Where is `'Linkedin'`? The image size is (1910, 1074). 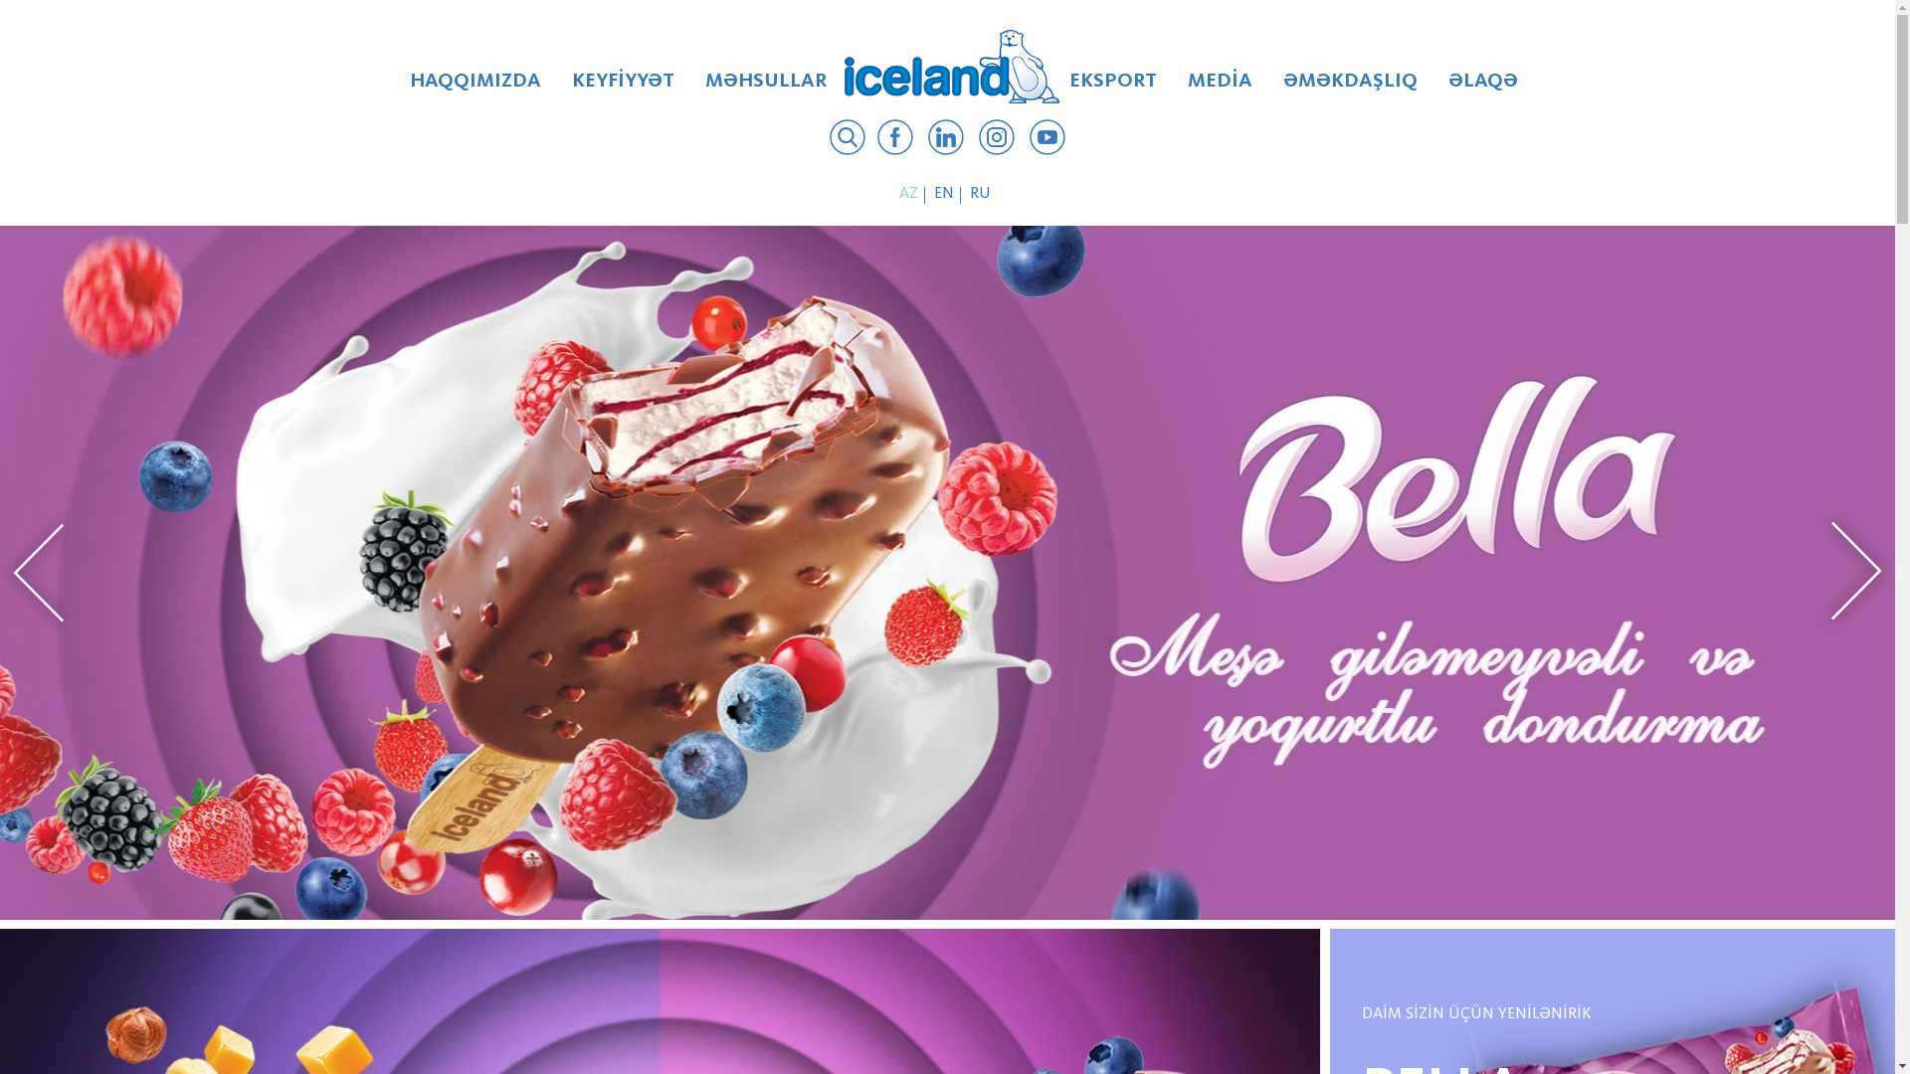
'Linkedin' is located at coordinates (926, 139).